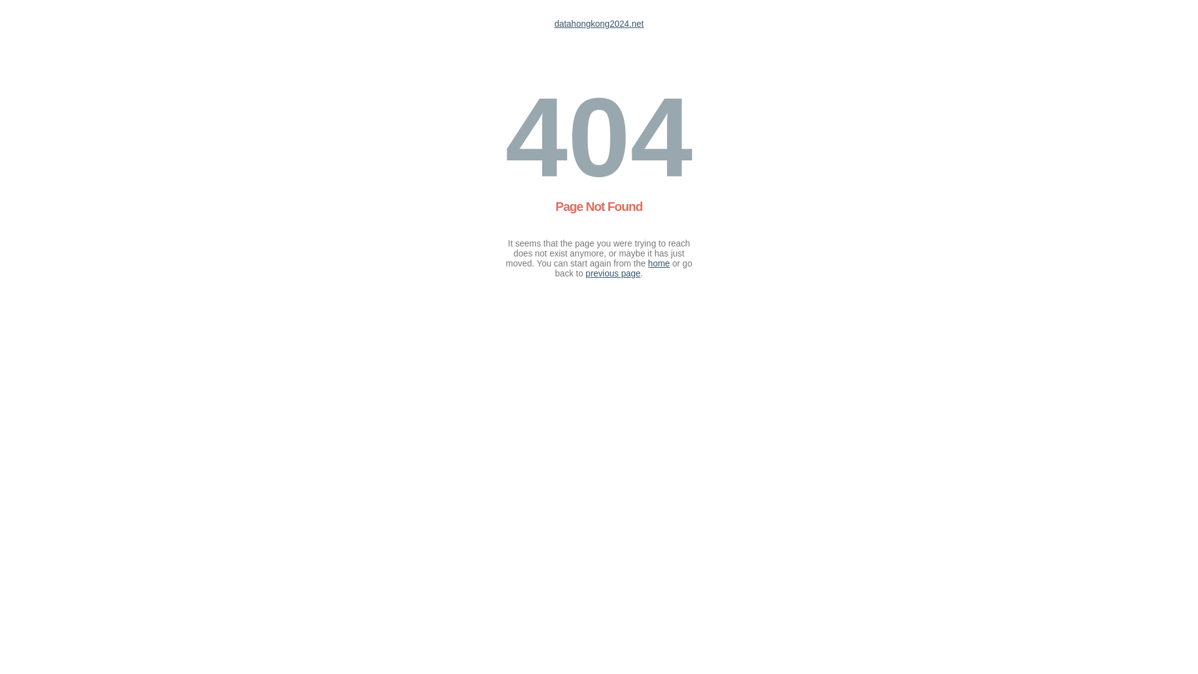 Image resolution: width=1198 pixels, height=674 pixels. I want to click on 'datahongkong2024.net', so click(553, 24).